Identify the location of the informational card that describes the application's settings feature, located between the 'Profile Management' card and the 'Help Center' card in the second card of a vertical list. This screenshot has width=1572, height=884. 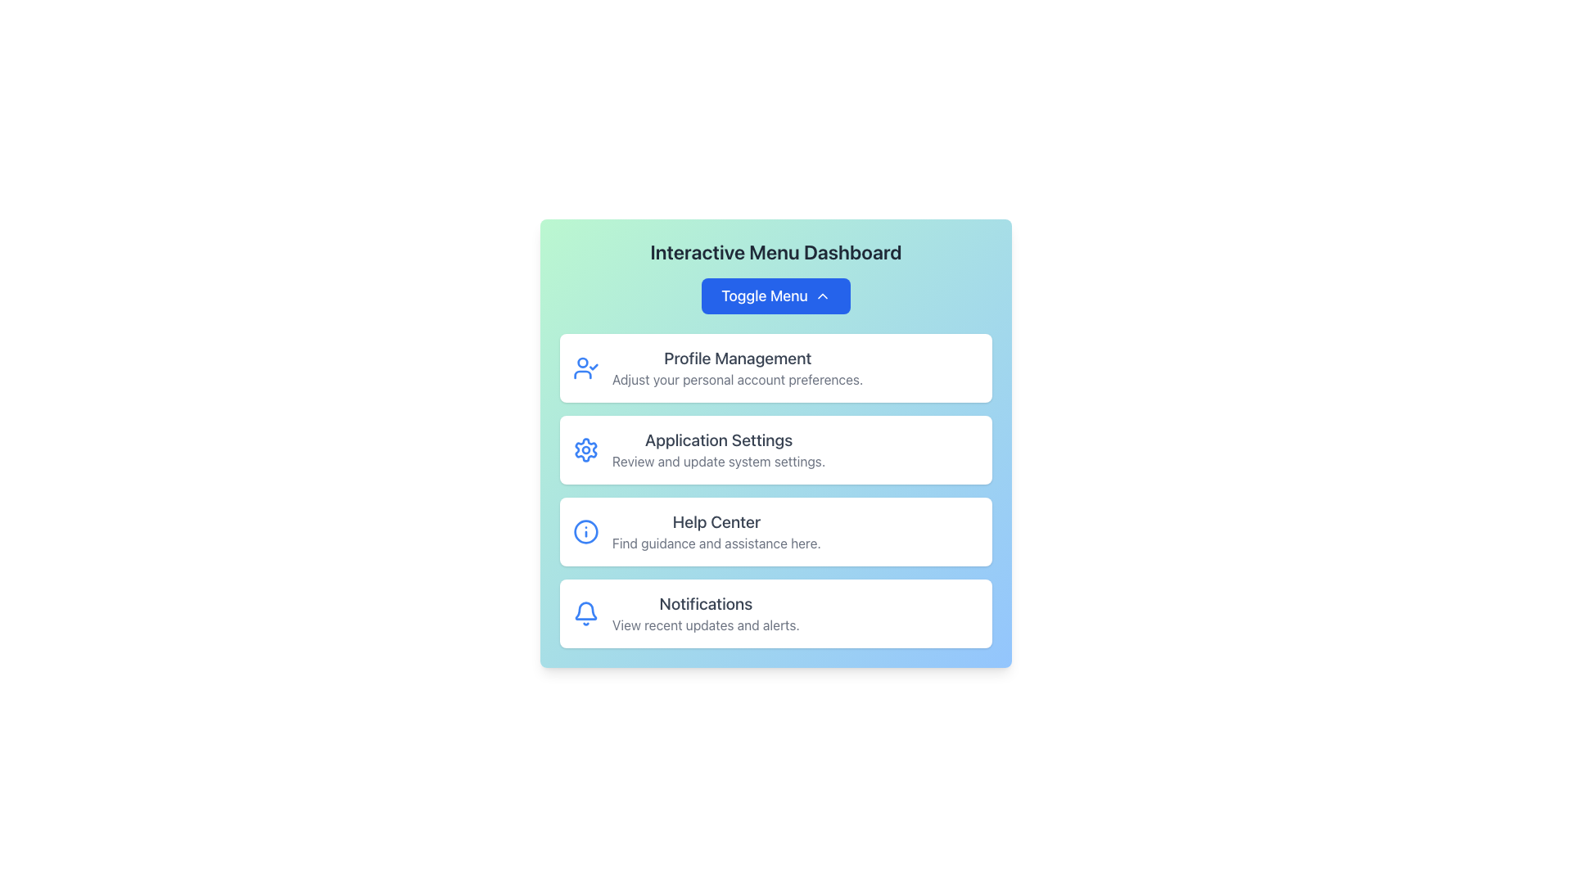
(719, 450).